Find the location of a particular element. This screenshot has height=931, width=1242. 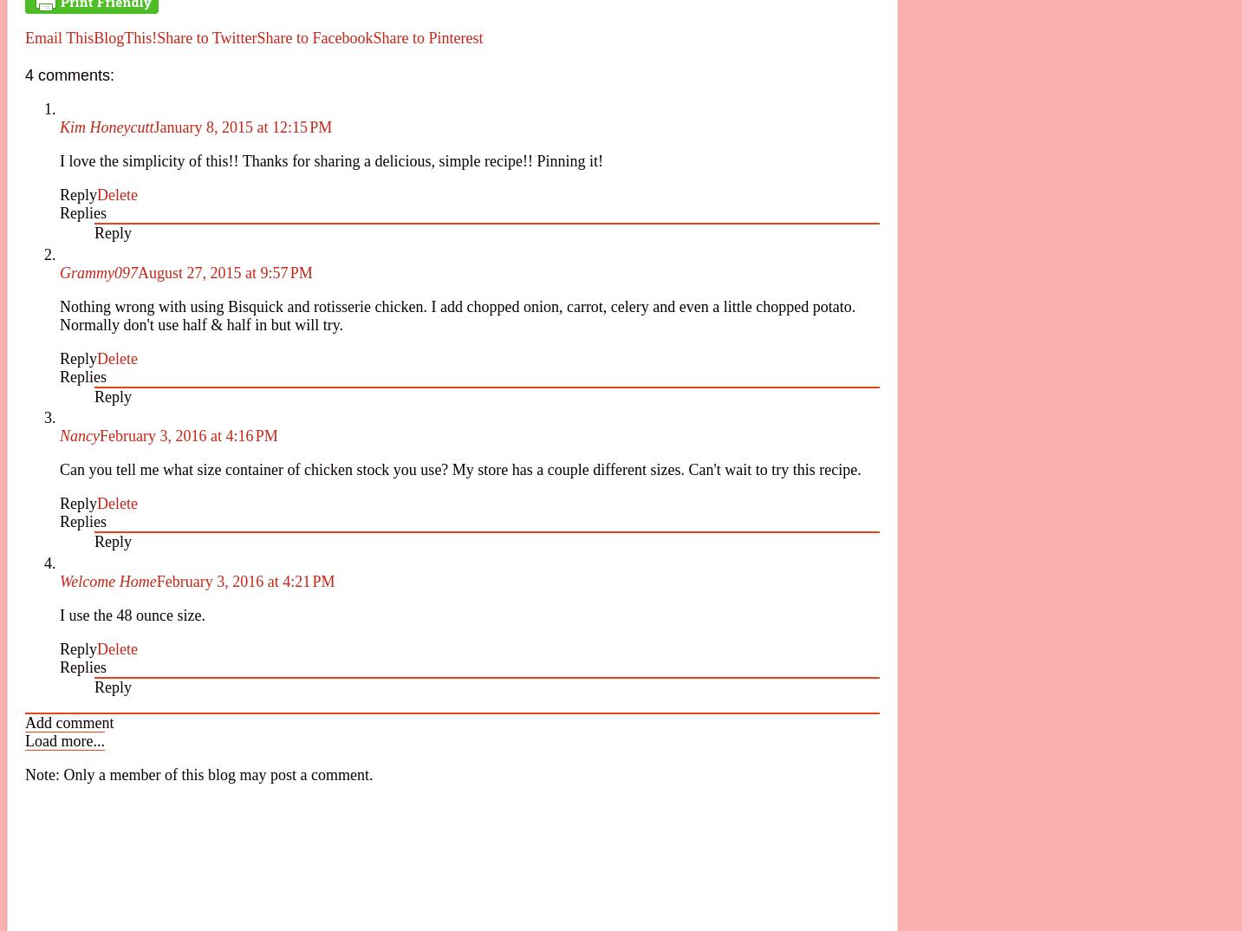

'Share to Pinterest' is located at coordinates (427, 37).